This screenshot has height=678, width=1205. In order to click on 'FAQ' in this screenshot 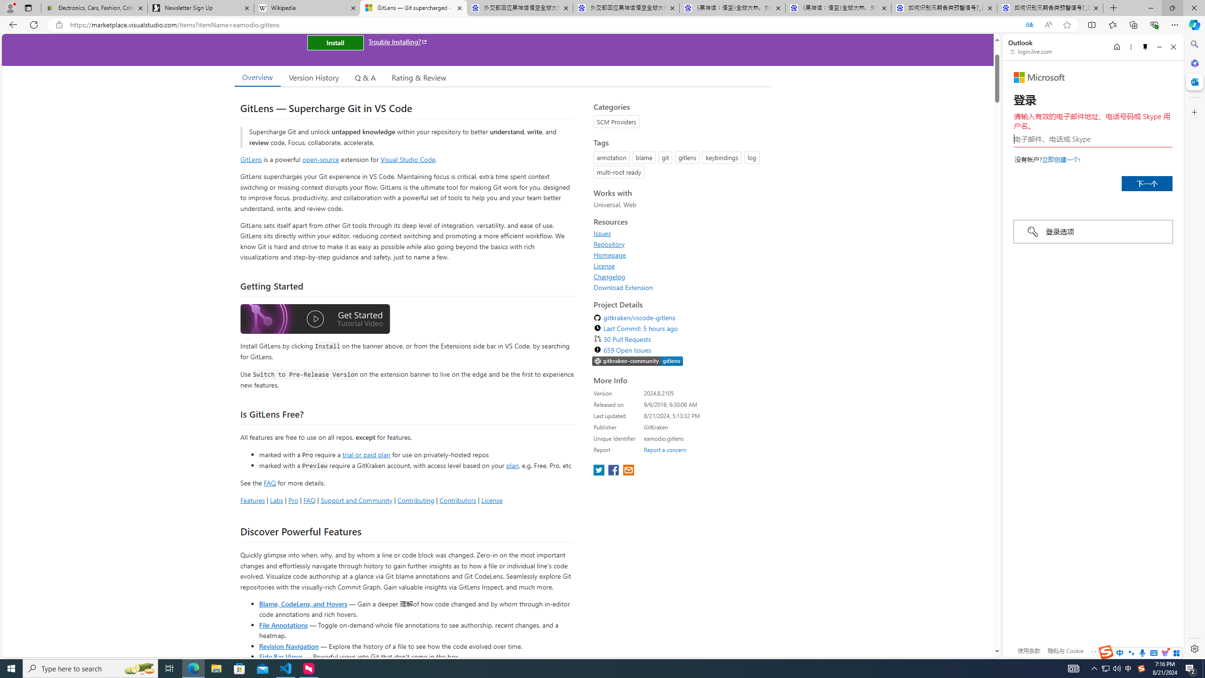, I will do `click(309, 500)`.